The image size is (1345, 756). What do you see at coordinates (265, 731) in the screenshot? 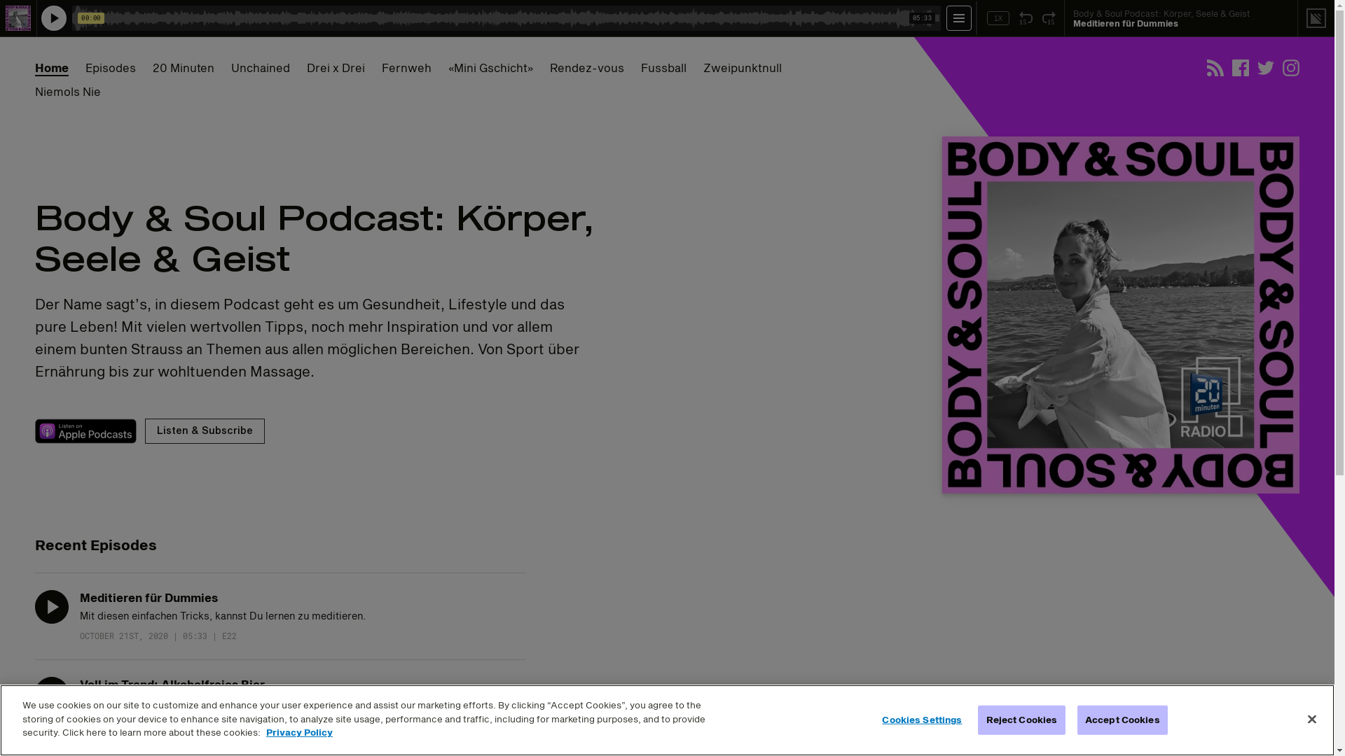
I see `'Privacy Policy'` at bounding box center [265, 731].